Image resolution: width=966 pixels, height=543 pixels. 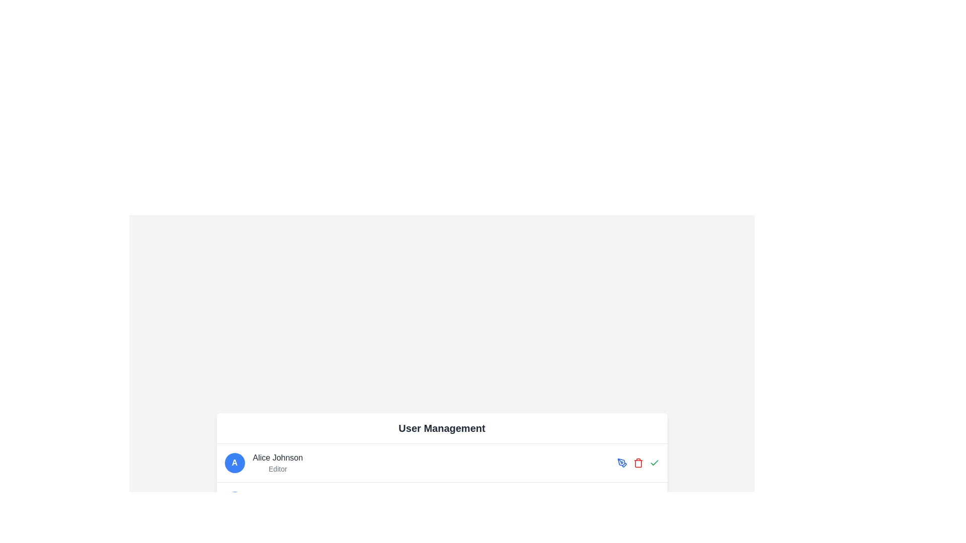 What do you see at coordinates (278, 458) in the screenshot?
I see `the static text label displaying the user's name within the user information card, located above the 'Editor' label in the user management interface` at bounding box center [278, 458].